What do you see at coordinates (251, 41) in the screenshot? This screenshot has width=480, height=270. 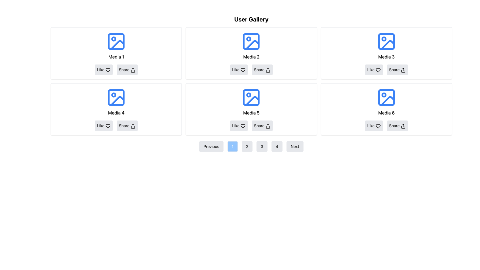 I see `the image icon with a blue border and white background located in the upper-left section of the second media card ('Media 2')` at bounding box center [251, 41].